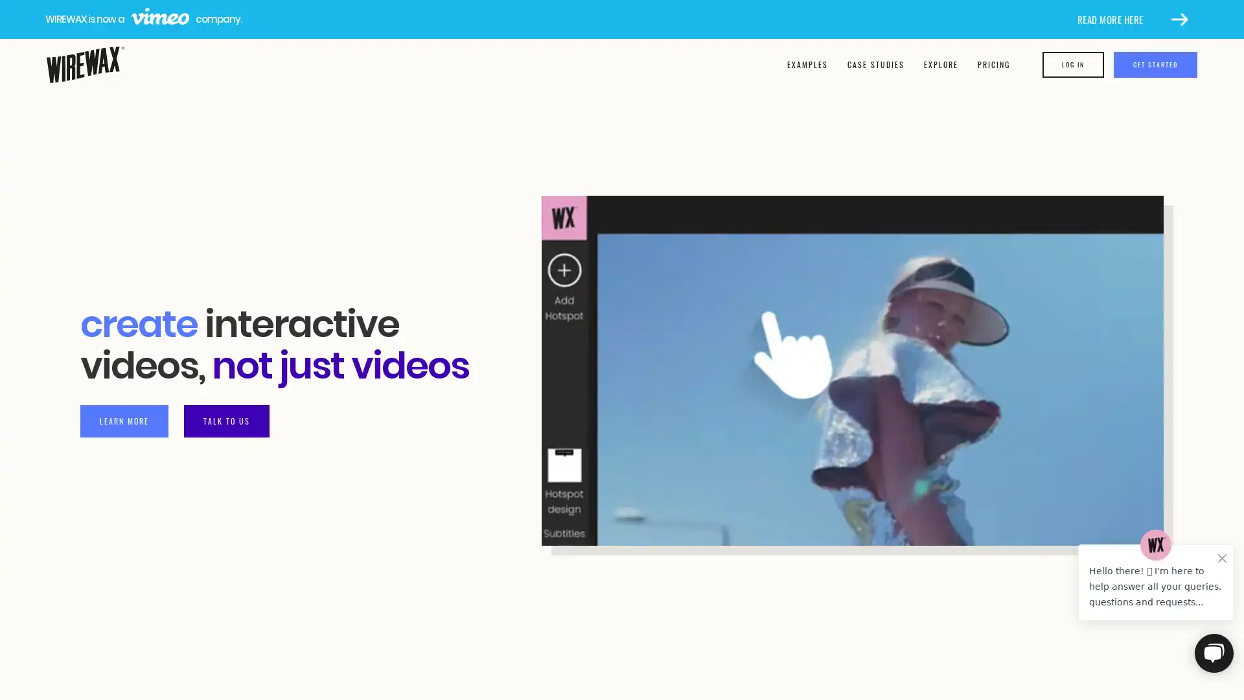 This screenshot has width=1244, height=700. Describe the element at coordinates (124, 420) in the screenshot. I see `LEARN MORE` at that location.